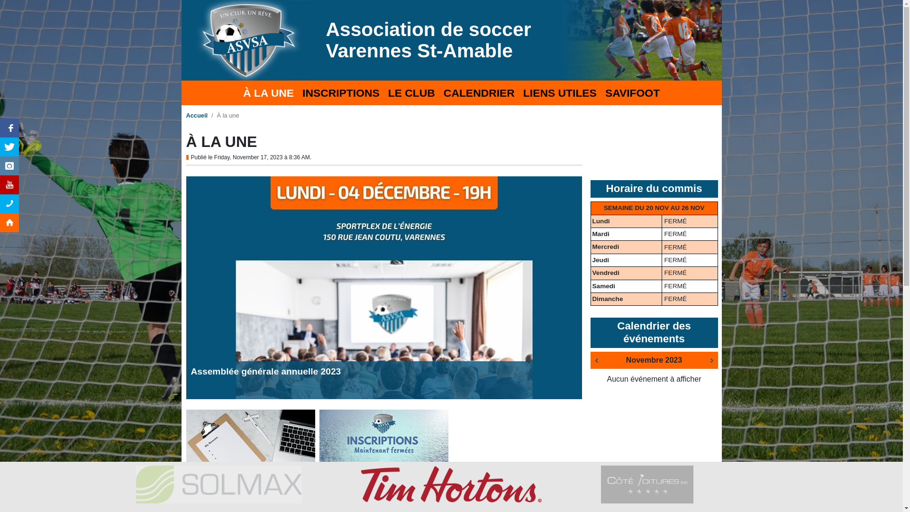  I want to click on 'LIENS UTILES', so click(560, 93).